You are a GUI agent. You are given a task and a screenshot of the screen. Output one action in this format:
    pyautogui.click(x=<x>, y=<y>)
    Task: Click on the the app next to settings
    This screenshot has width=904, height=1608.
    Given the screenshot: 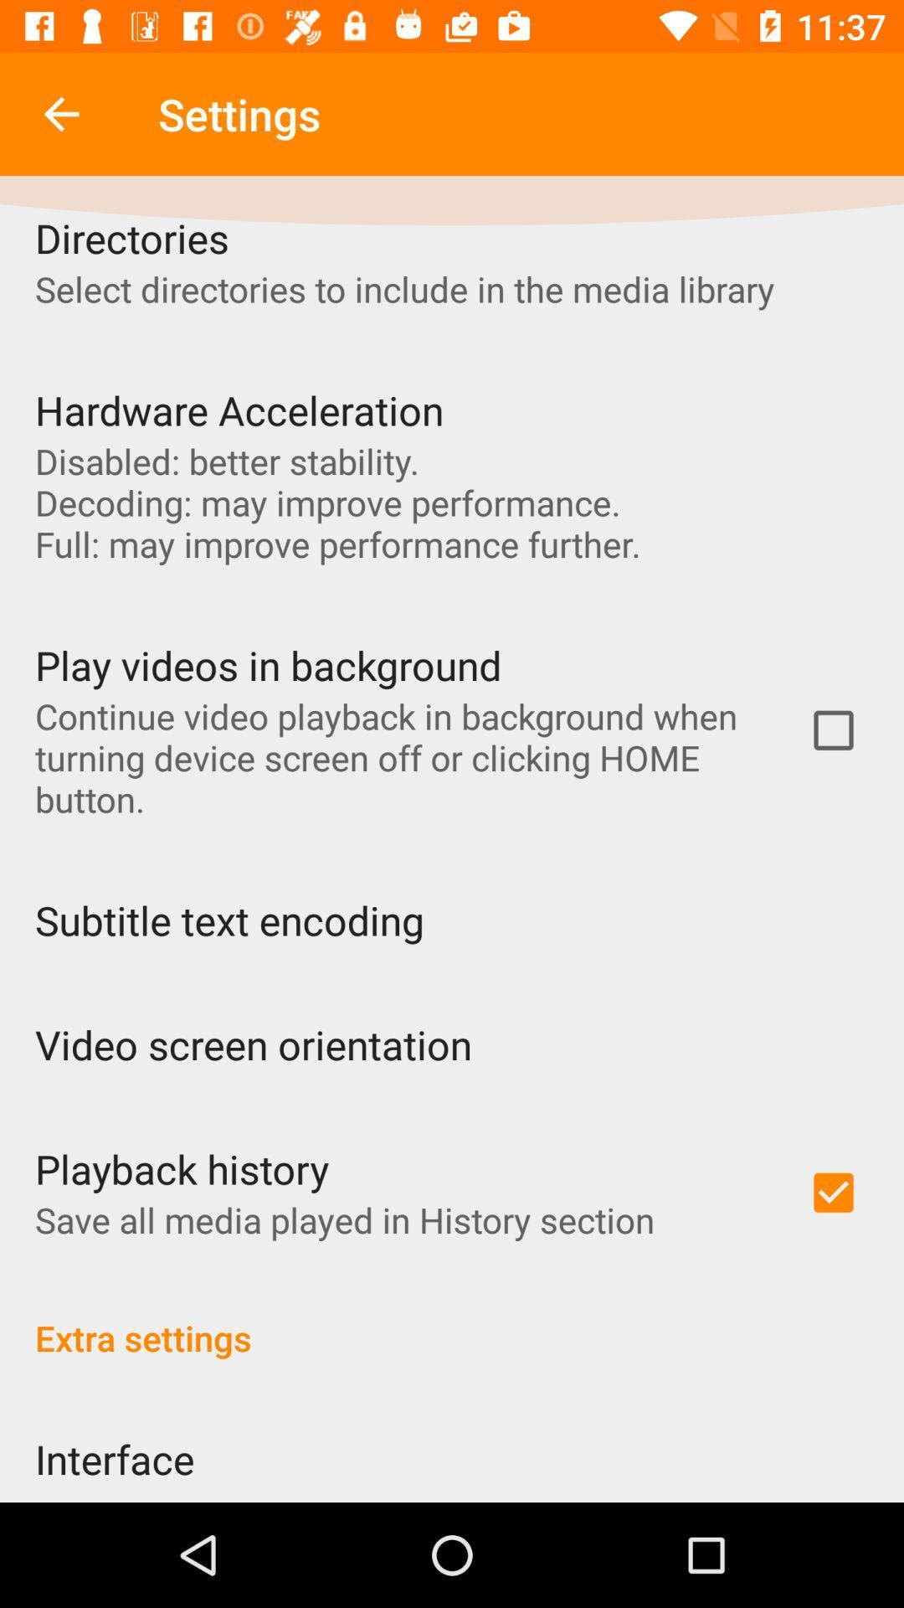 What is the action you would take?
    pyautogui.click(x=60, y=113)
    